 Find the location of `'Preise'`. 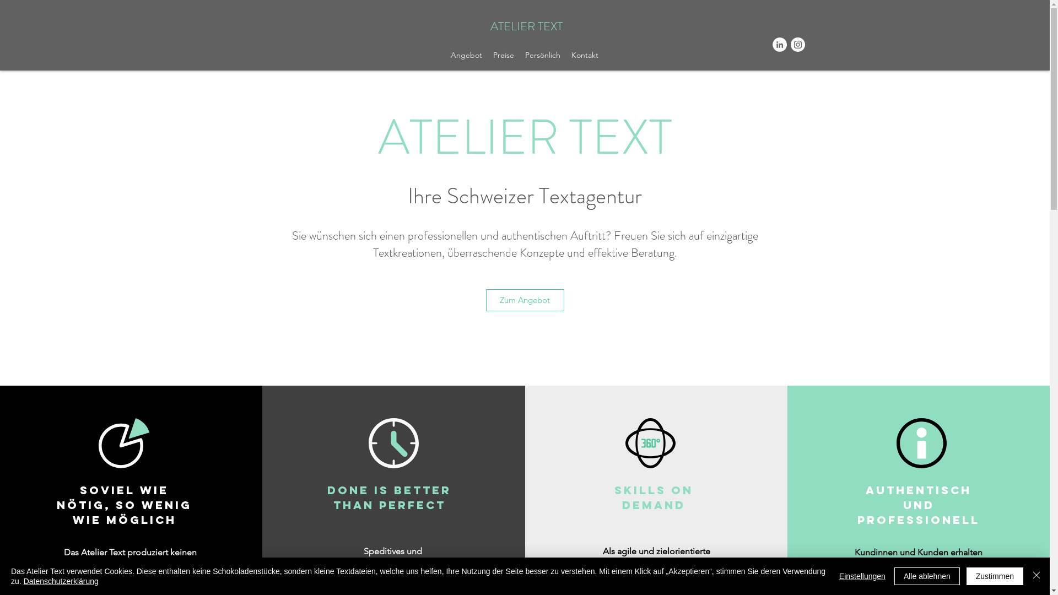

'Preise' is located at coordinates (503, 55).